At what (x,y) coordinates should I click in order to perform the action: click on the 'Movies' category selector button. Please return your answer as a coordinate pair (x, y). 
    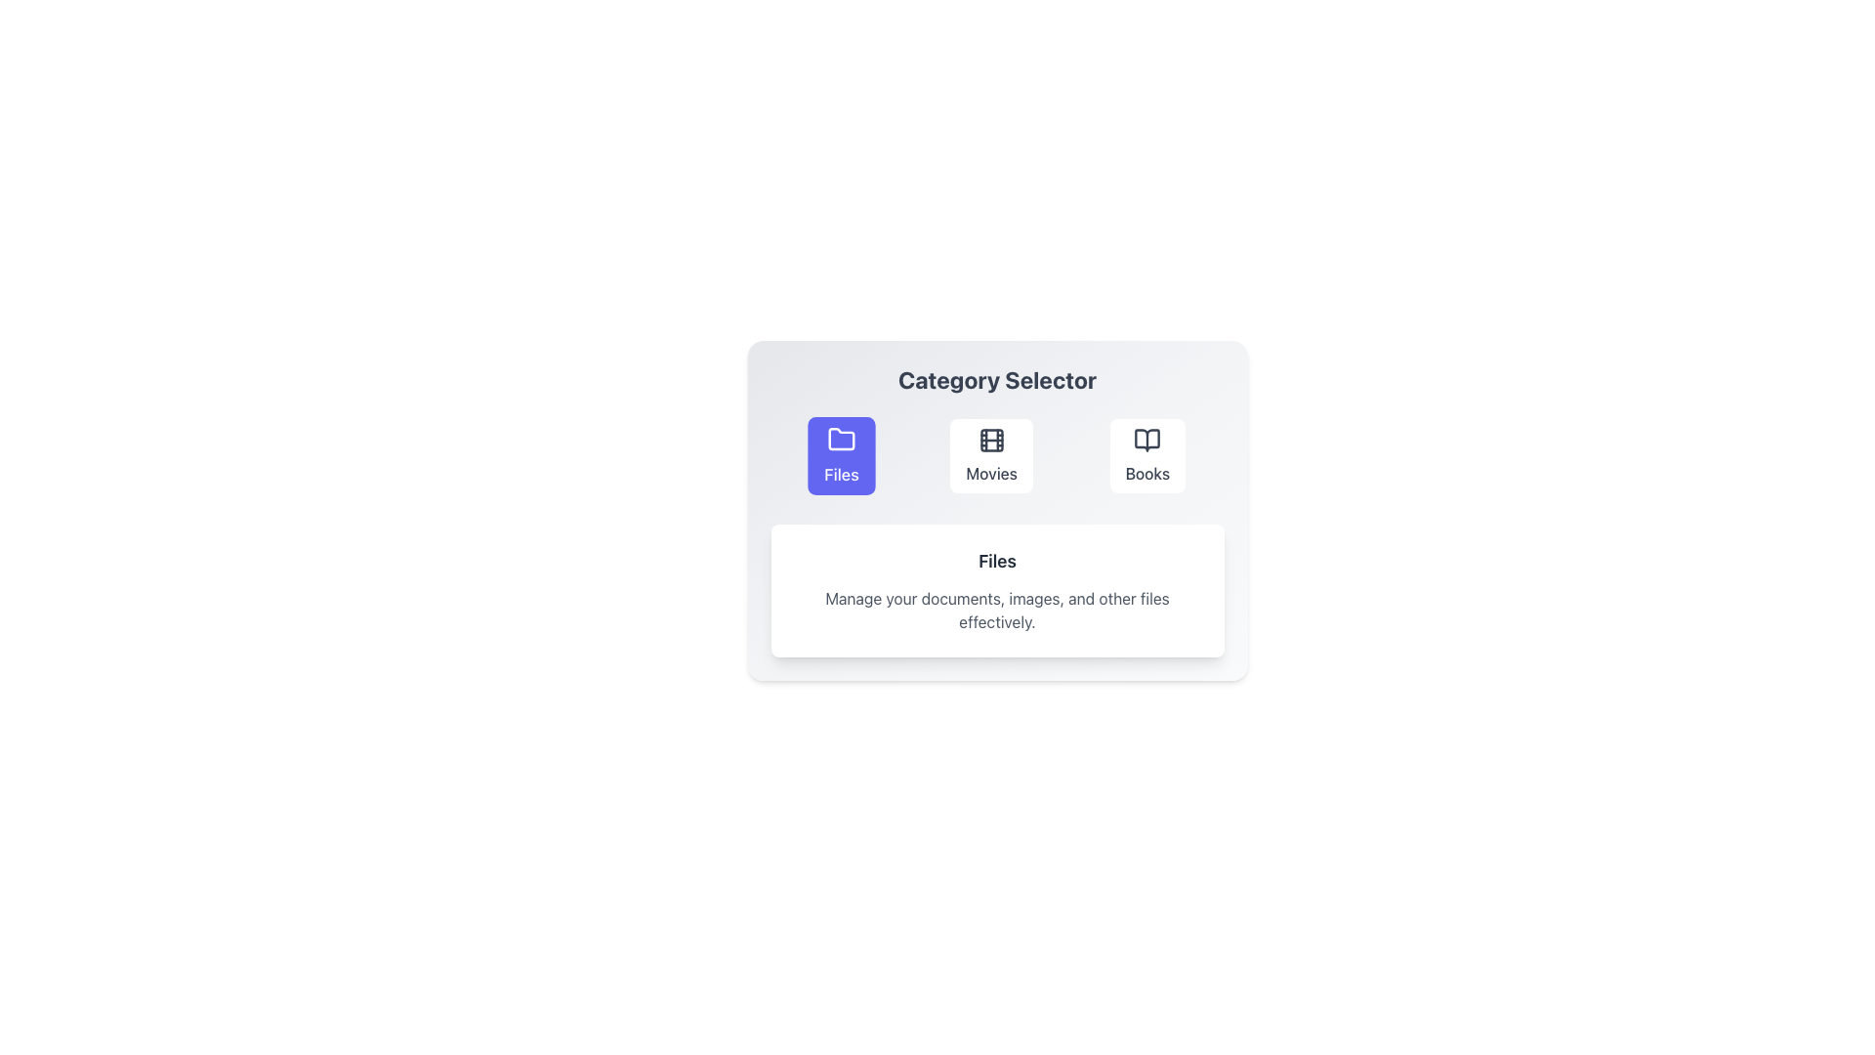
    Looking at the image, I should click on (997, 455).